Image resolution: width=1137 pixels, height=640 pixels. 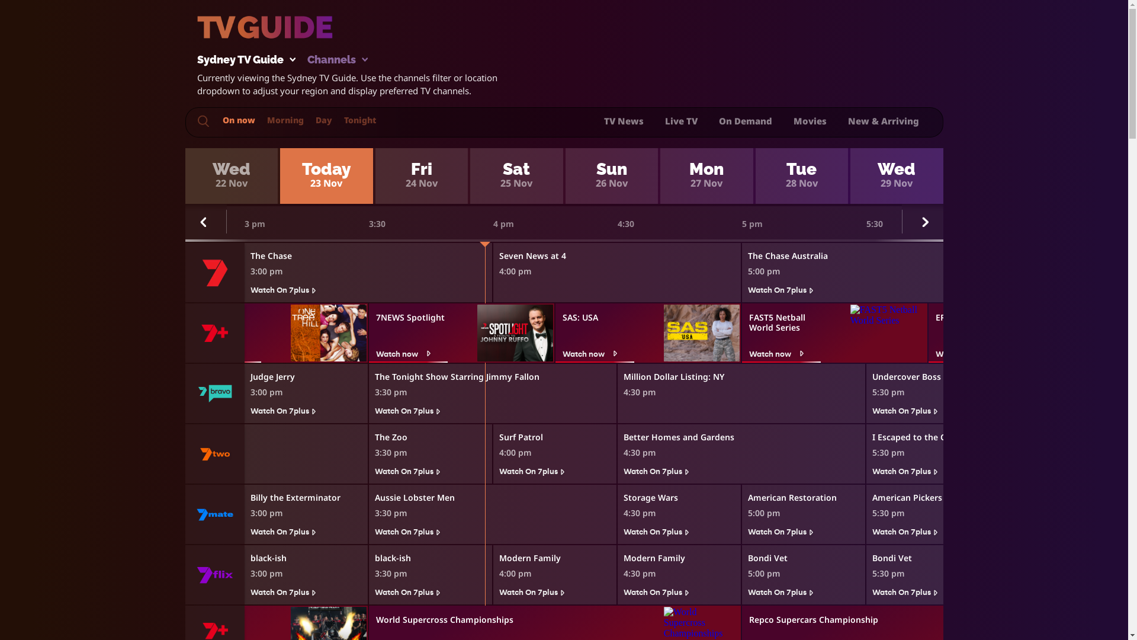 I want to click on 'Fri, so click(x=374, y=176).